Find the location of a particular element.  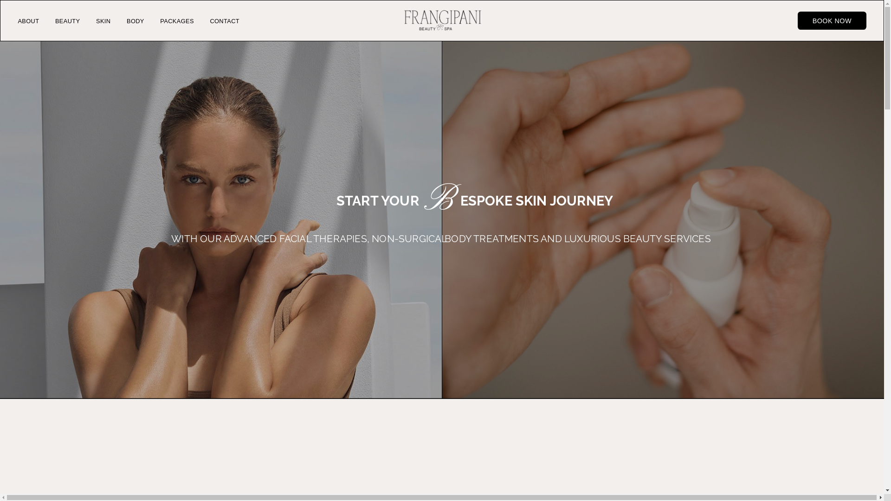

'BODY' is located at coordinates (135, 21).